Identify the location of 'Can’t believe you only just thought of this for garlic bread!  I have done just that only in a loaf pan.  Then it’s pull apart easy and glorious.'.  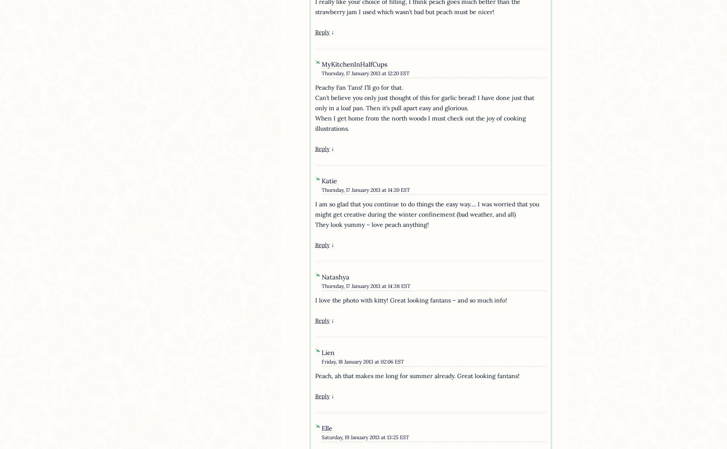
(423, 102).